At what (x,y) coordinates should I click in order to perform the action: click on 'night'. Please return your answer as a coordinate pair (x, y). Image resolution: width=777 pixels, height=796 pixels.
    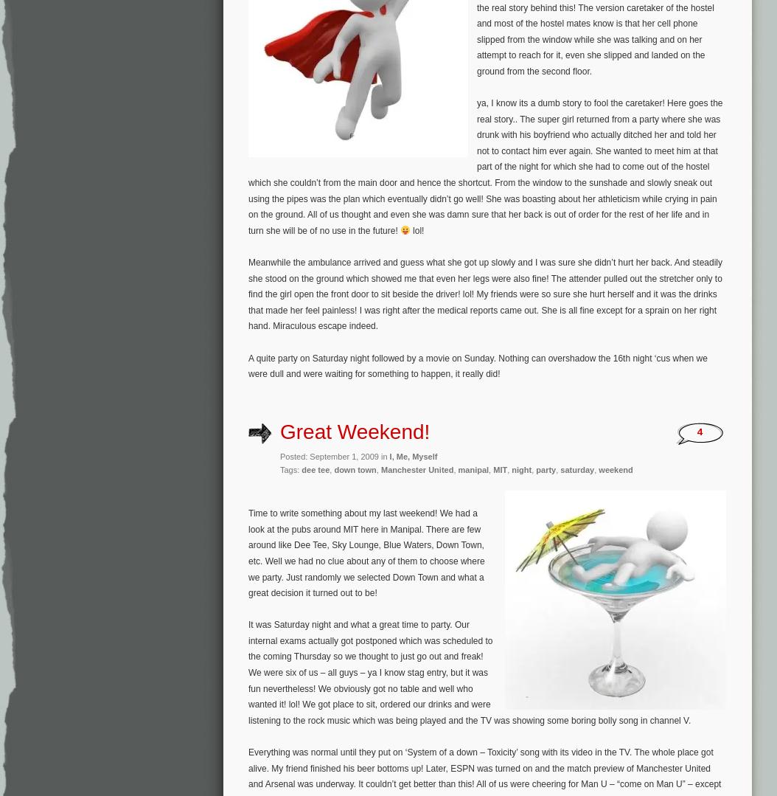
    Looking at the image, I should click on (520, 468).